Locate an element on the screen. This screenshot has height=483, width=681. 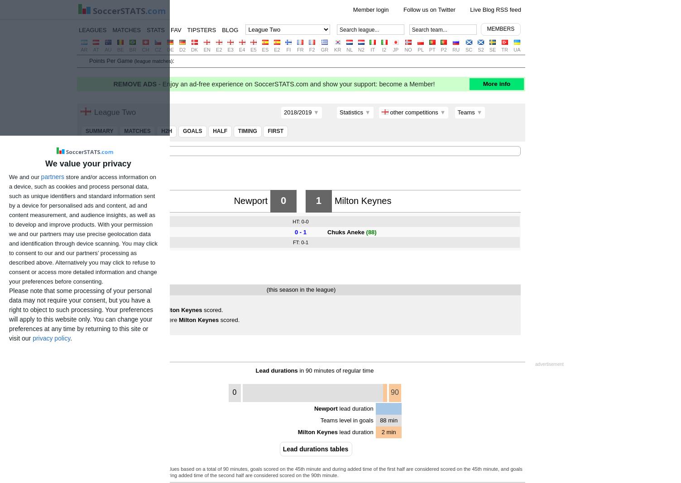
'DE' is located at coordinates (170, 49).